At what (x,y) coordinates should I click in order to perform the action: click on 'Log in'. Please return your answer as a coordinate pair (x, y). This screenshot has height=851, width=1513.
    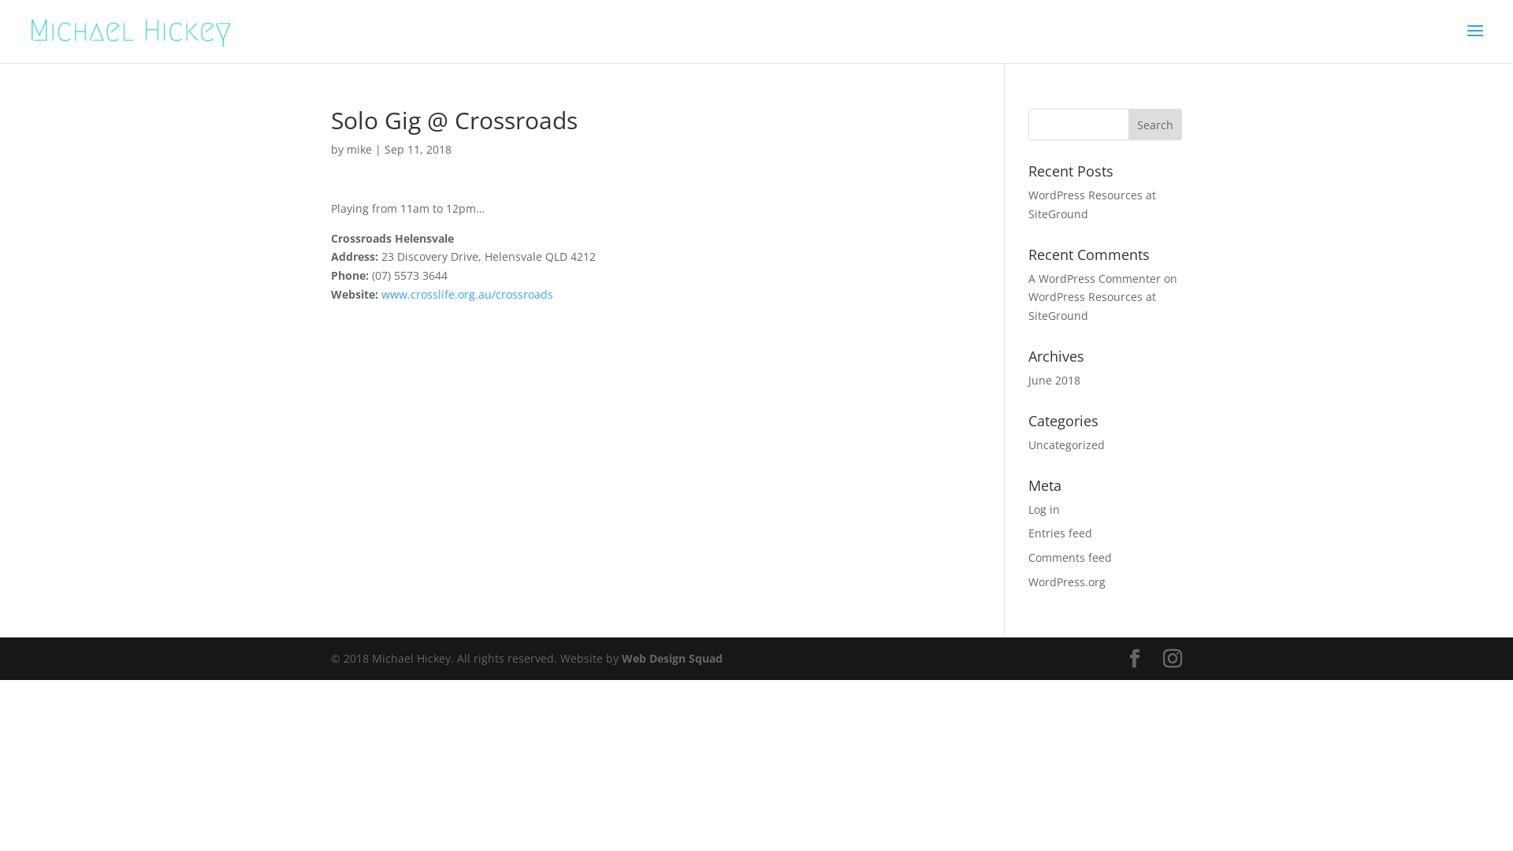
    Looking at the image, I should click on (1043, 509).